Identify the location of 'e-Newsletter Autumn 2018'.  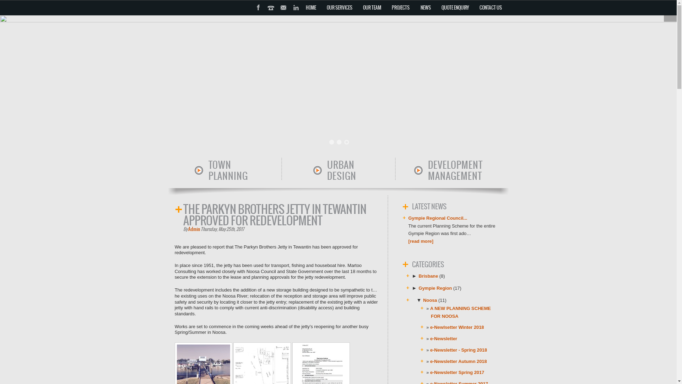
(459, 361).